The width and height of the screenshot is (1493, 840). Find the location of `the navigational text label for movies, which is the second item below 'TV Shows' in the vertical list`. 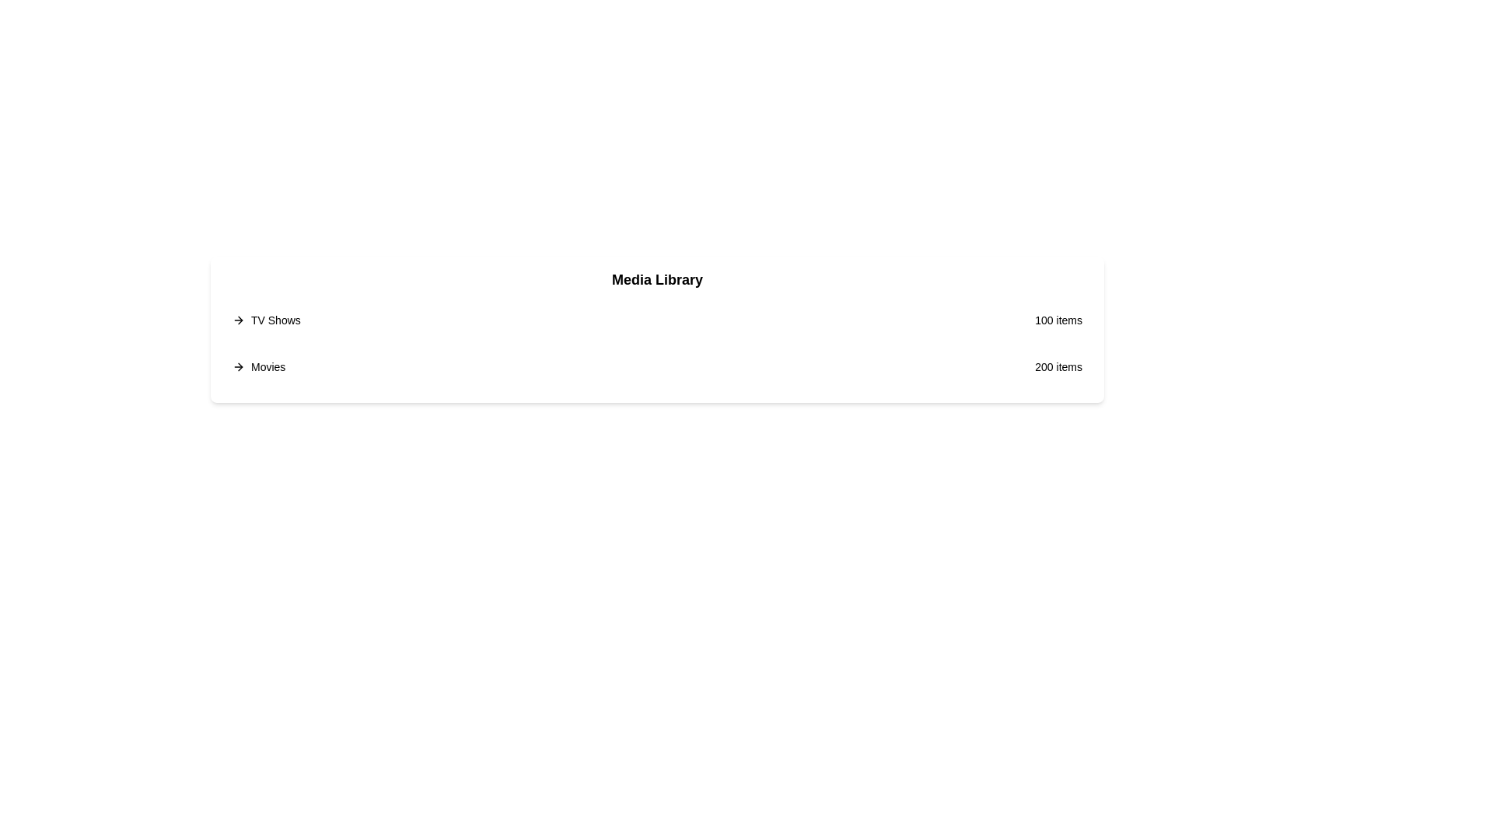

the navigational text label for movies, which is the second item below 'TV Shows' in the vertical list is located at coordinates (268, 366).